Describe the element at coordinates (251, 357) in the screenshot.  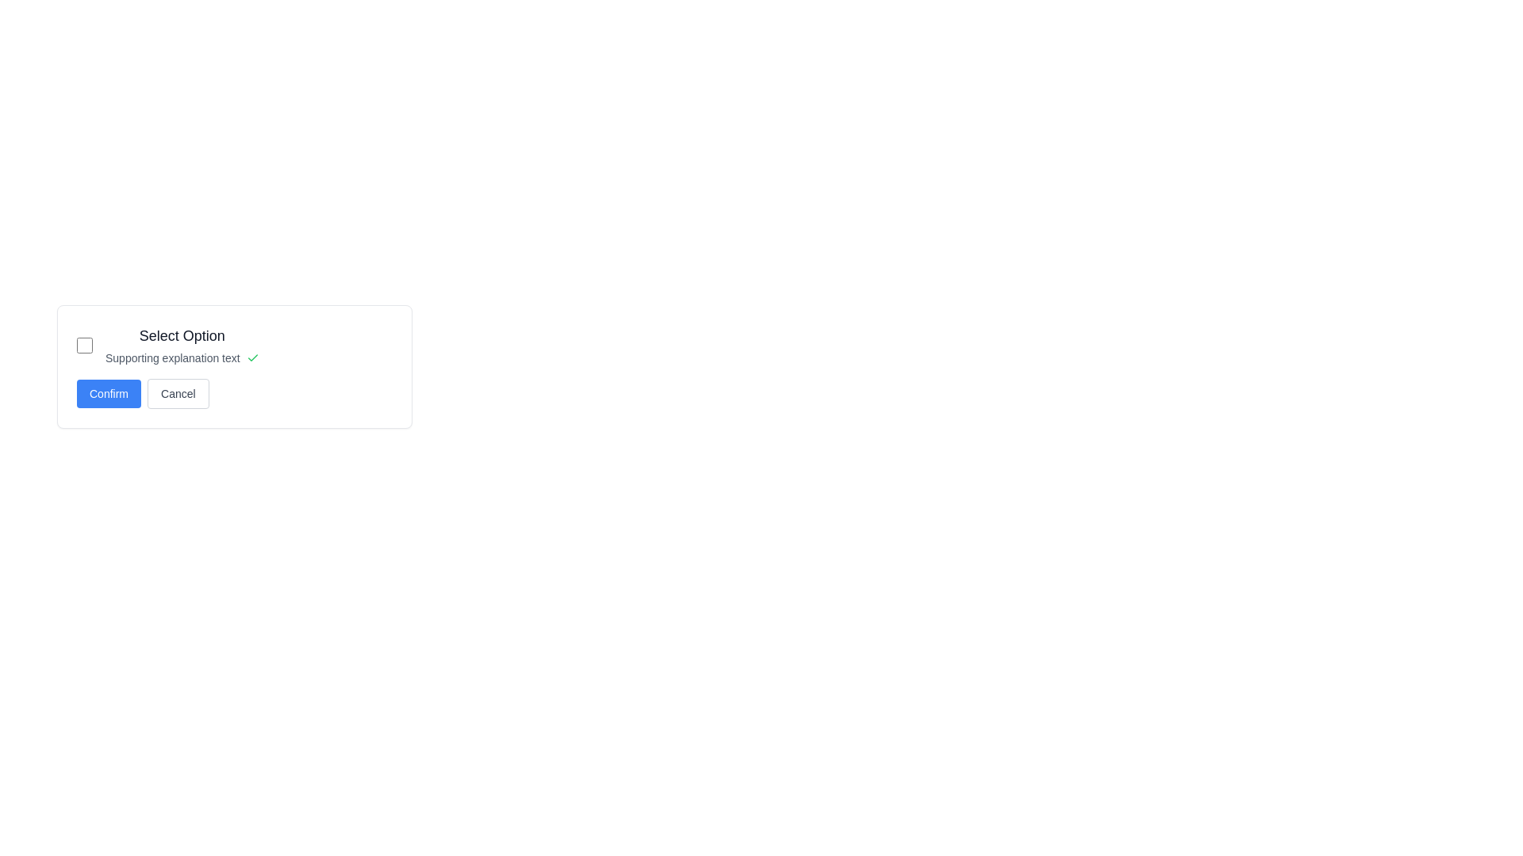
I see `the confirmation icon located to the immediate right of the text labeled 'Supporting explanation text'` at that location.